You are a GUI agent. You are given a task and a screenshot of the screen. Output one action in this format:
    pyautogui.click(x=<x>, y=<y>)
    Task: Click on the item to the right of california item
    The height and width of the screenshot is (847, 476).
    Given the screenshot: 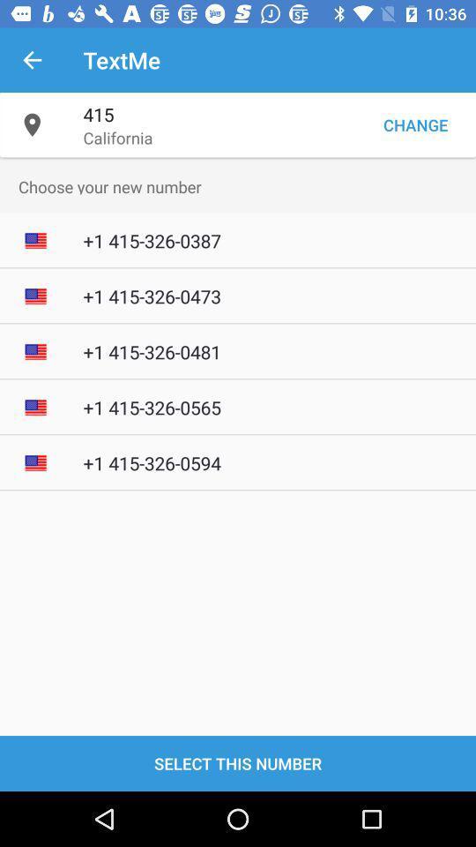 What is the action you would take?
    pyautogui.click(x=415, y=124)
    